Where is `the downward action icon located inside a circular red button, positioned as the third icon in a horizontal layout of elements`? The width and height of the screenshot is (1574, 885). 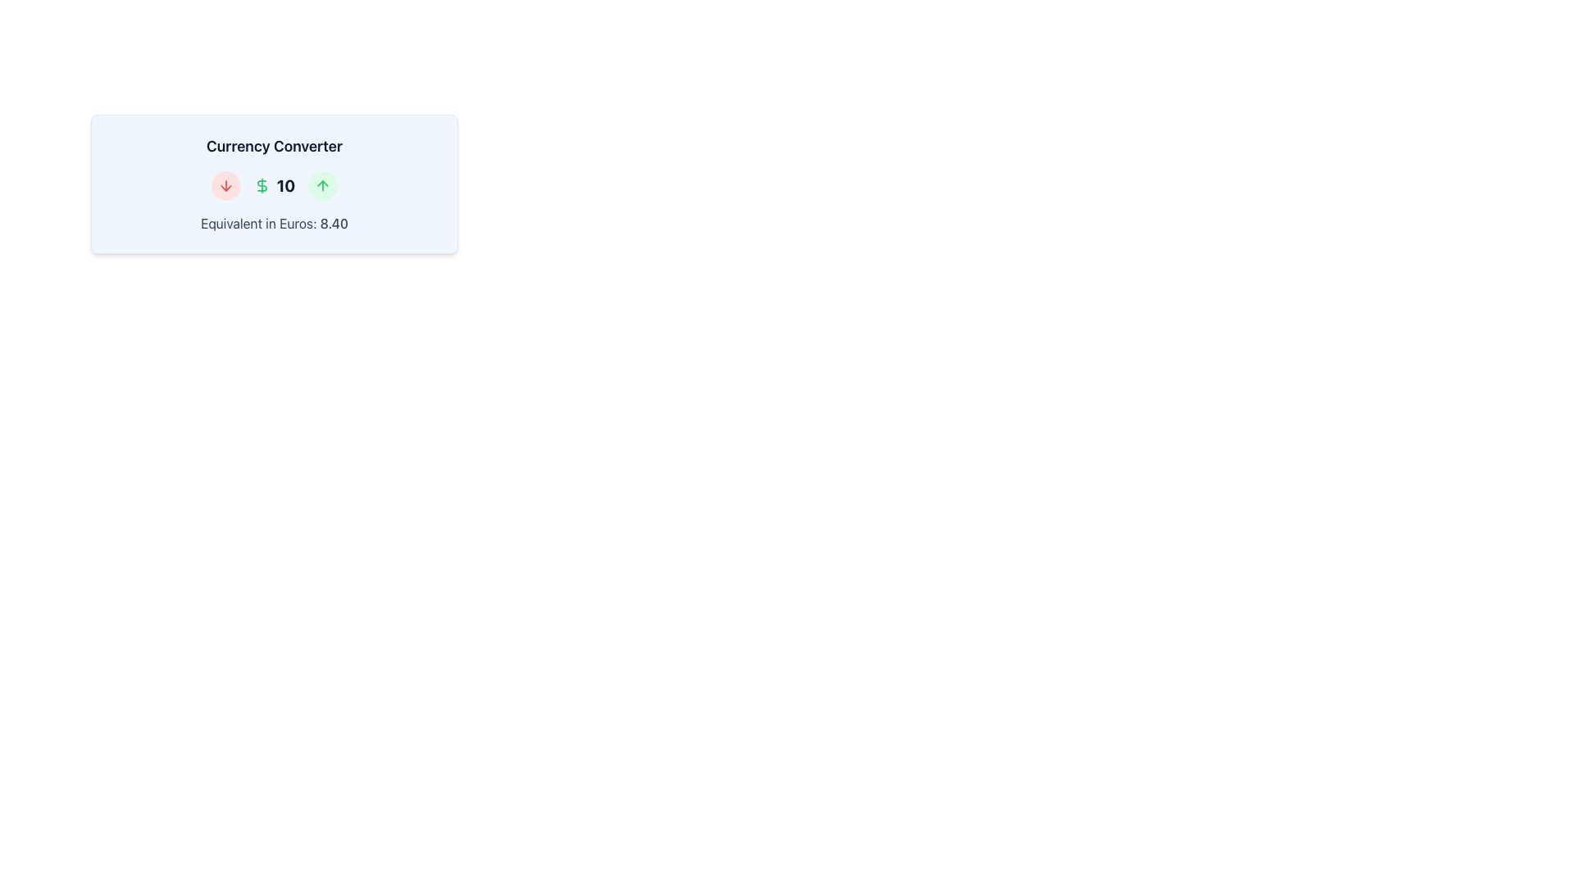
the downward action icon located inside a circular red button, positioned as the third icon in a horizontal layout of elements is located at coordinates (225, 185).